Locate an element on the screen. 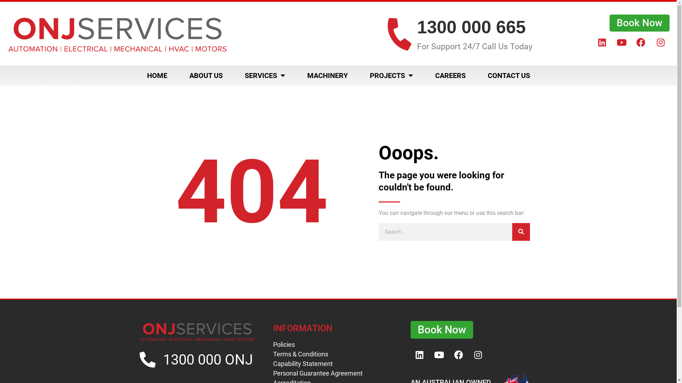 The image size is (682, 383). '1300 000 665' is located at coordinates (471, 27).